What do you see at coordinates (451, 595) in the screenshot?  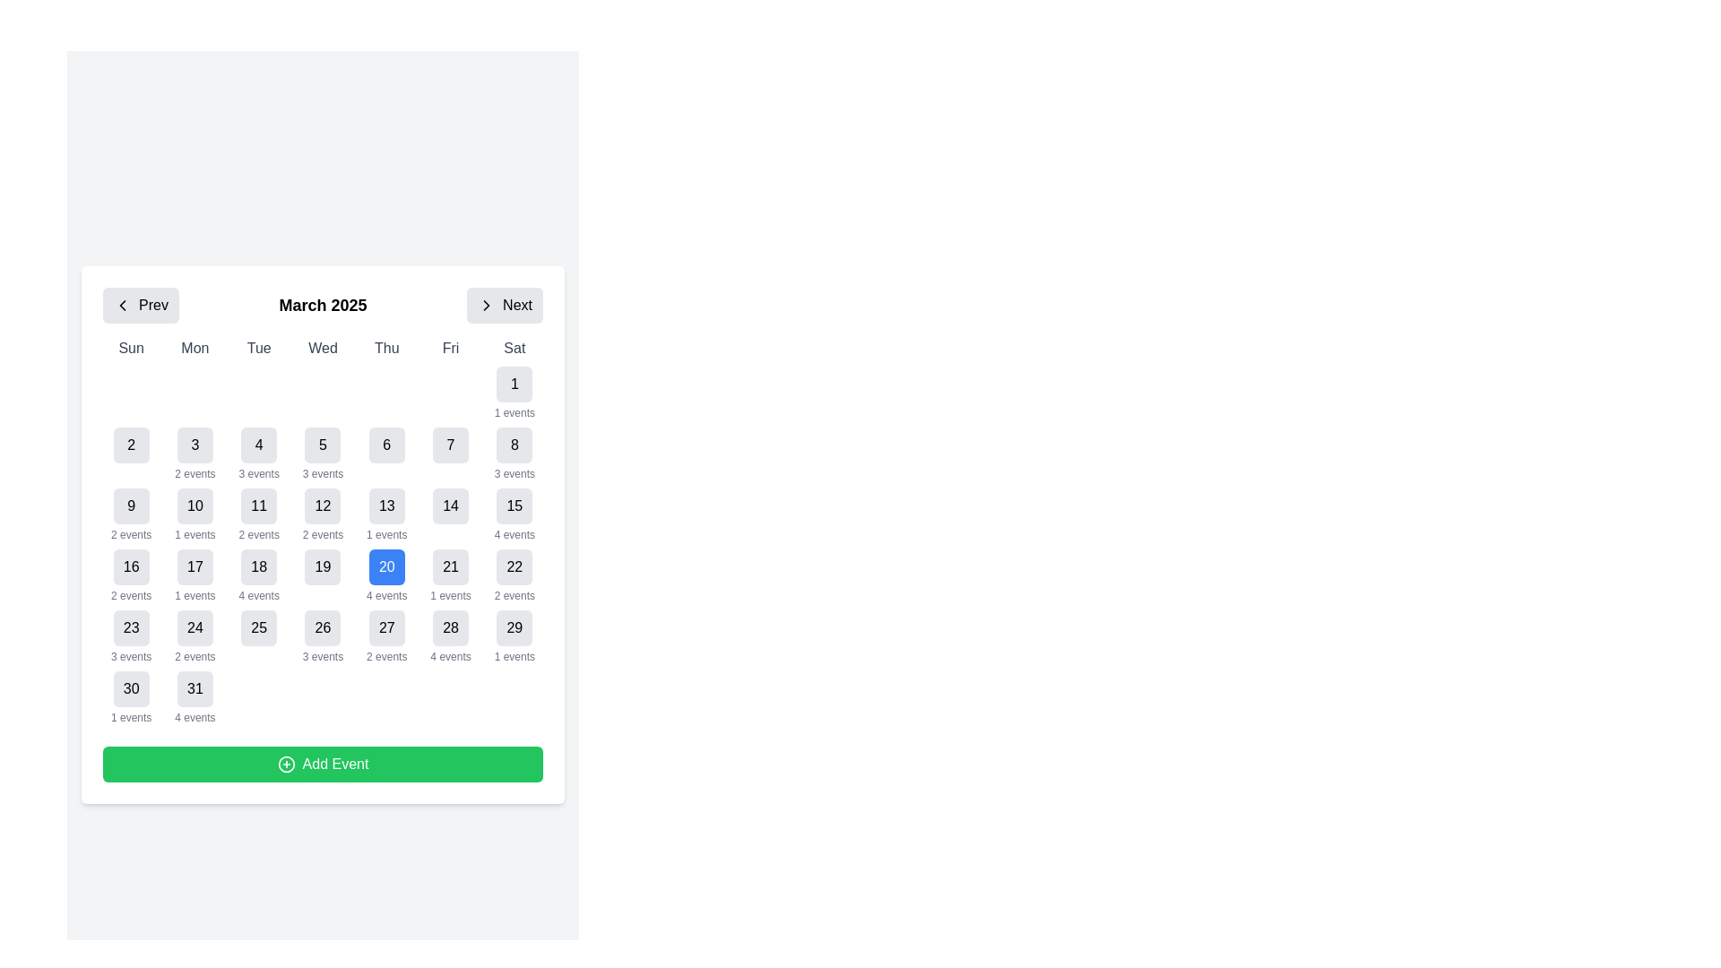 I see `the static text indicating the number of planned events for the date '21' in the calendar view, positioned directly below the clickable date box` at bounding box center [451, 595].